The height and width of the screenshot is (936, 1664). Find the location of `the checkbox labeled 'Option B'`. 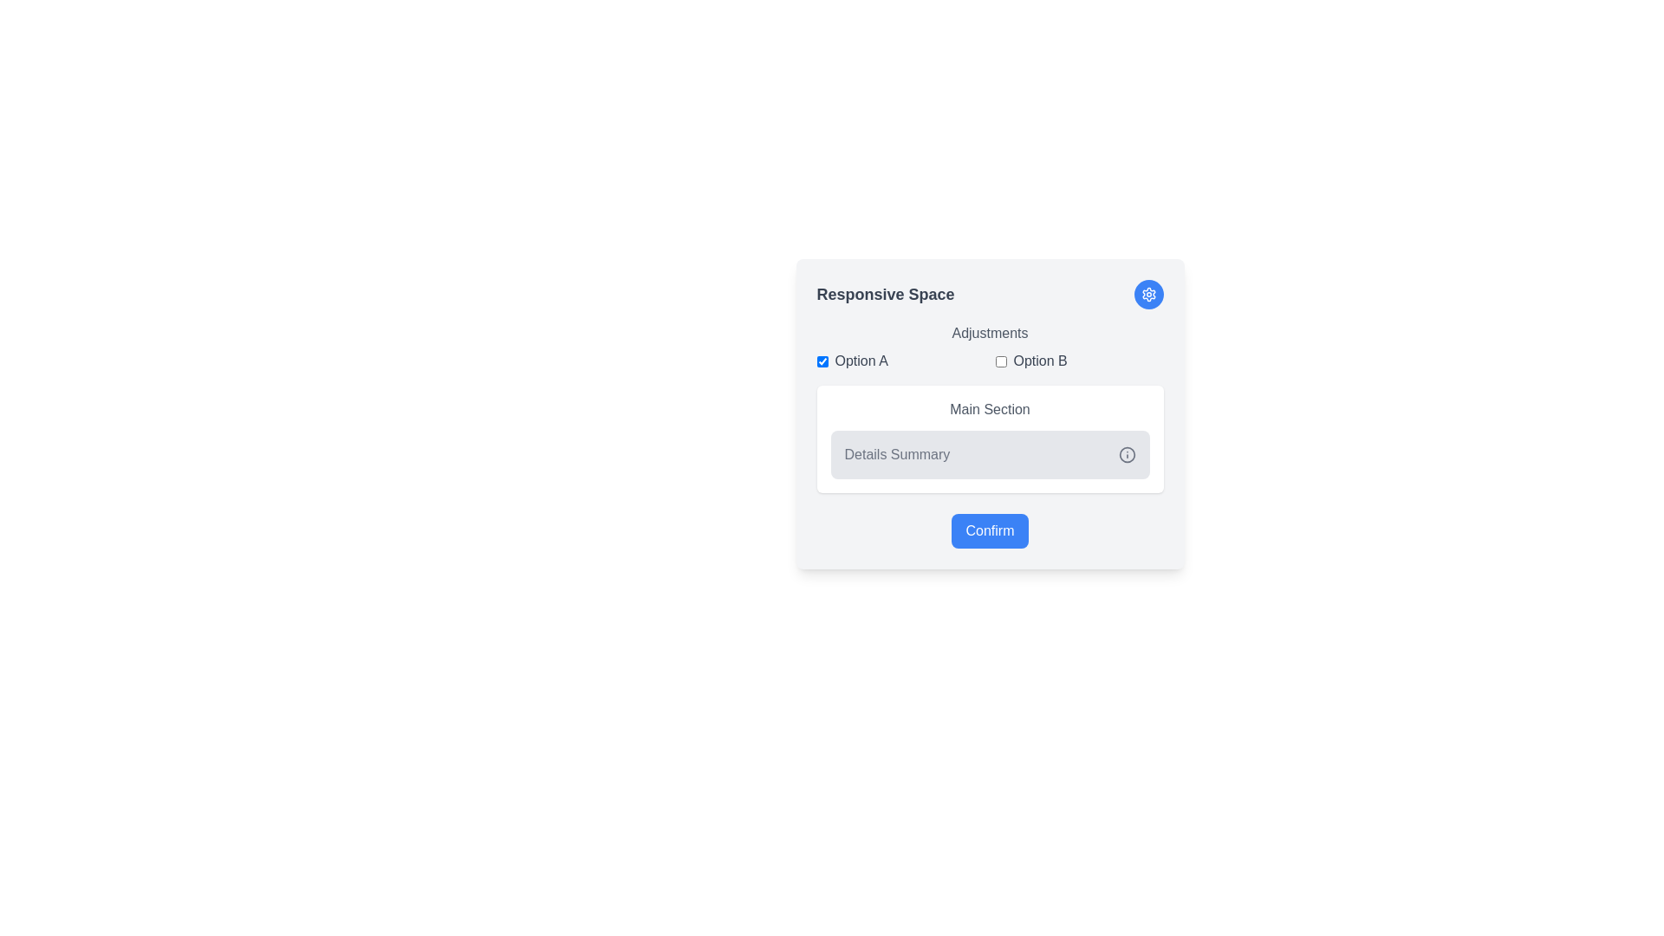

the checkbox labeled 'Option B' is located at coordinates (1078, 360).